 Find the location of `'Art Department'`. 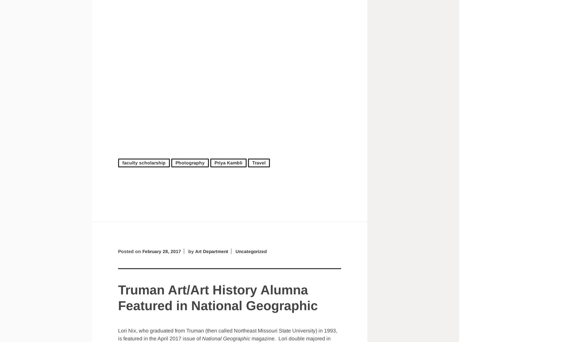

'Art Department' is located at coordinates (212, 251).